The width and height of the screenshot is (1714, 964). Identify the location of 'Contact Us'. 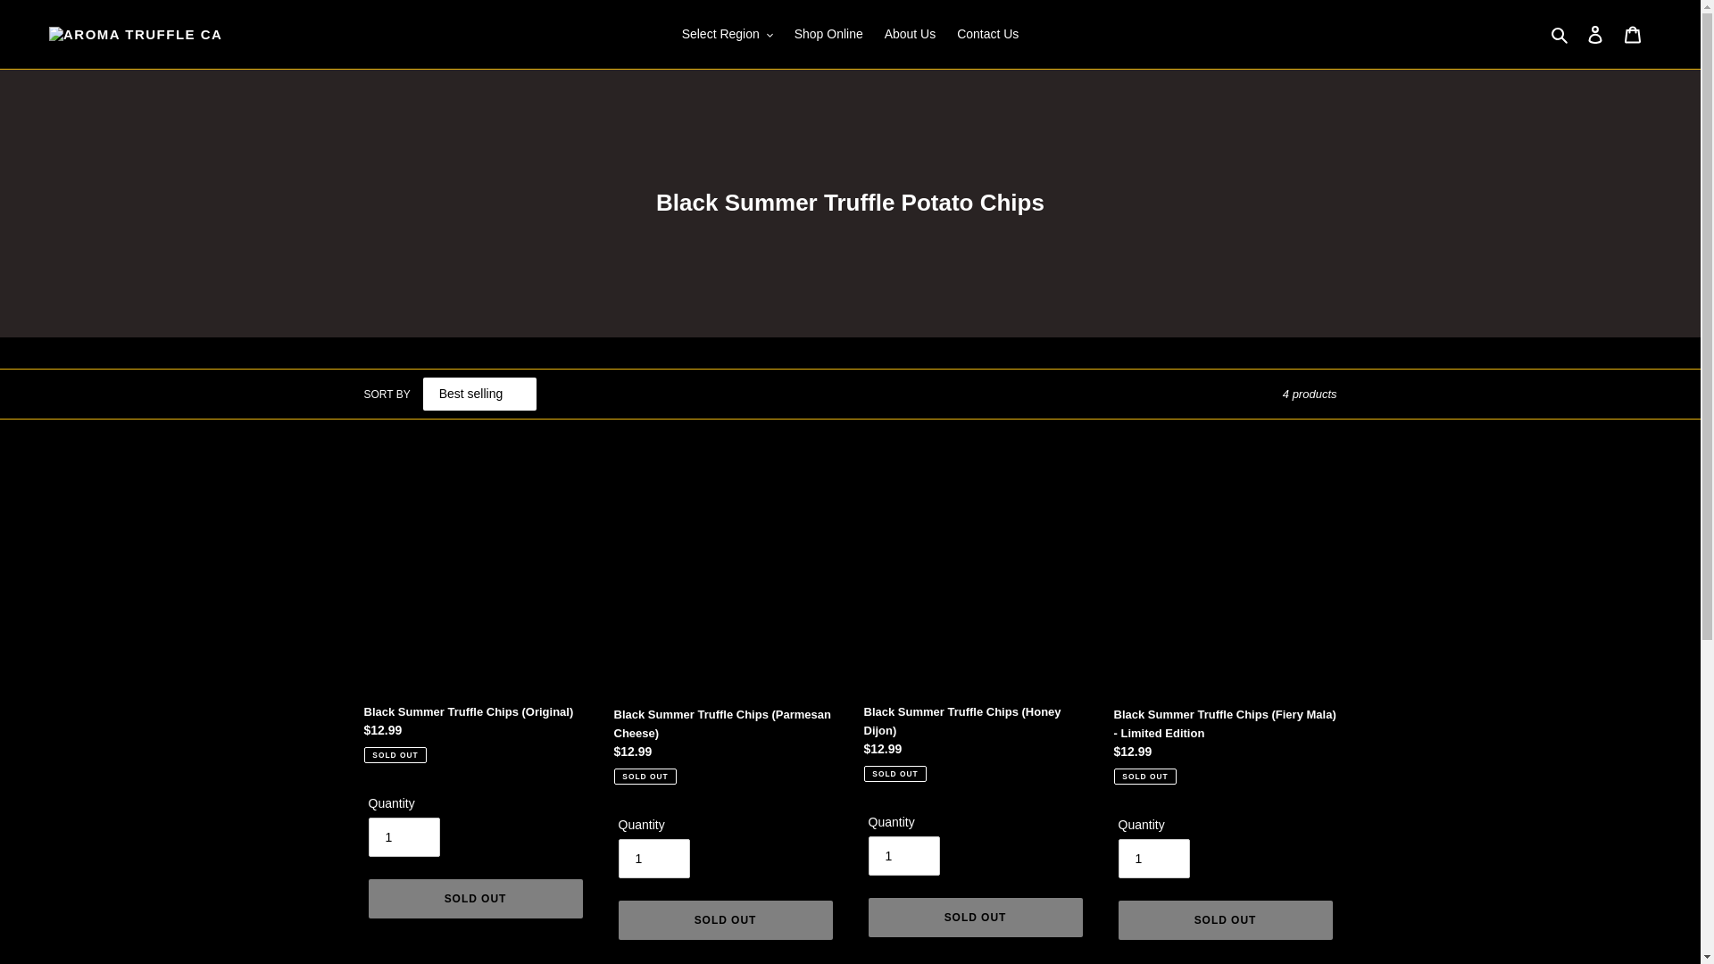
(946, 34).